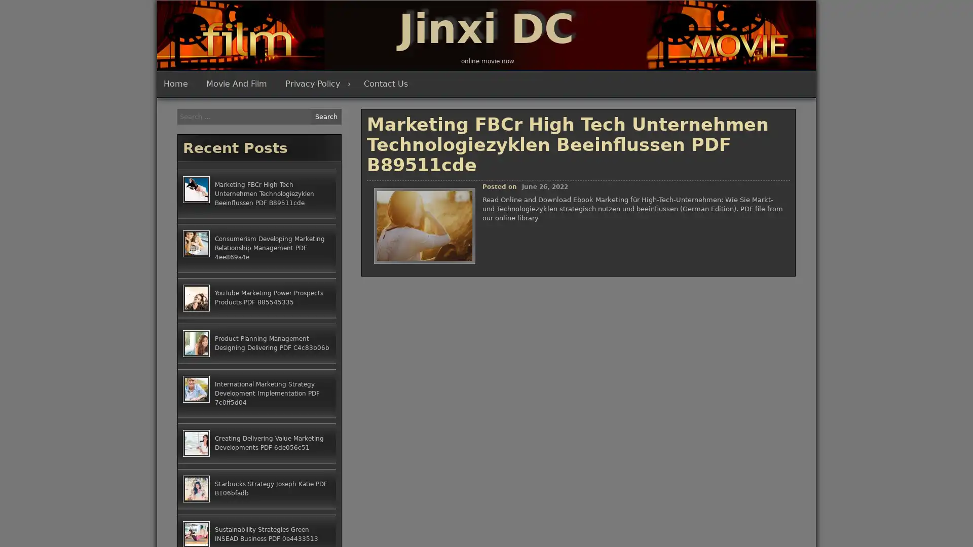  I want to click on Search, so click(326, 116).